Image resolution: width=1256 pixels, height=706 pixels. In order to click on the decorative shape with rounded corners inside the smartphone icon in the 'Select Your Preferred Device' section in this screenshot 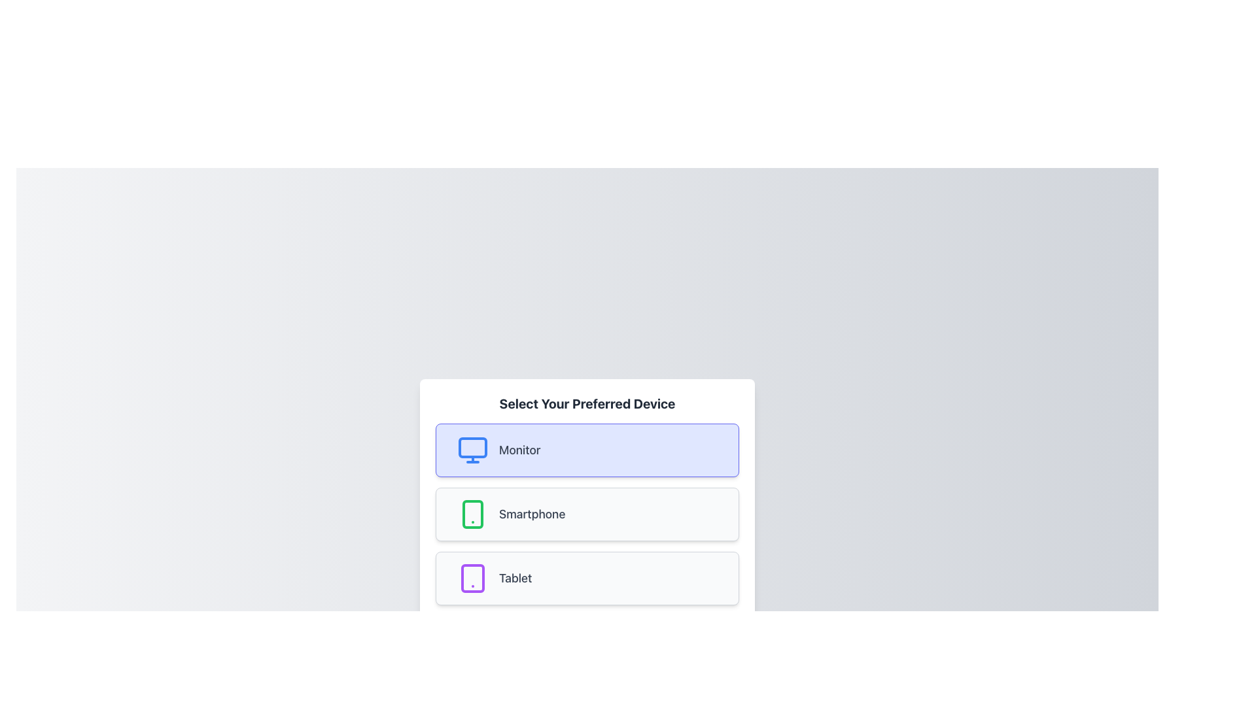, I will do `click(472, 513)`.